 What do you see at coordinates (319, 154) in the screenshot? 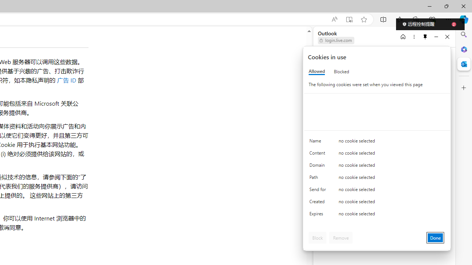
I see `'Content'` at bounding box center [319, 154].